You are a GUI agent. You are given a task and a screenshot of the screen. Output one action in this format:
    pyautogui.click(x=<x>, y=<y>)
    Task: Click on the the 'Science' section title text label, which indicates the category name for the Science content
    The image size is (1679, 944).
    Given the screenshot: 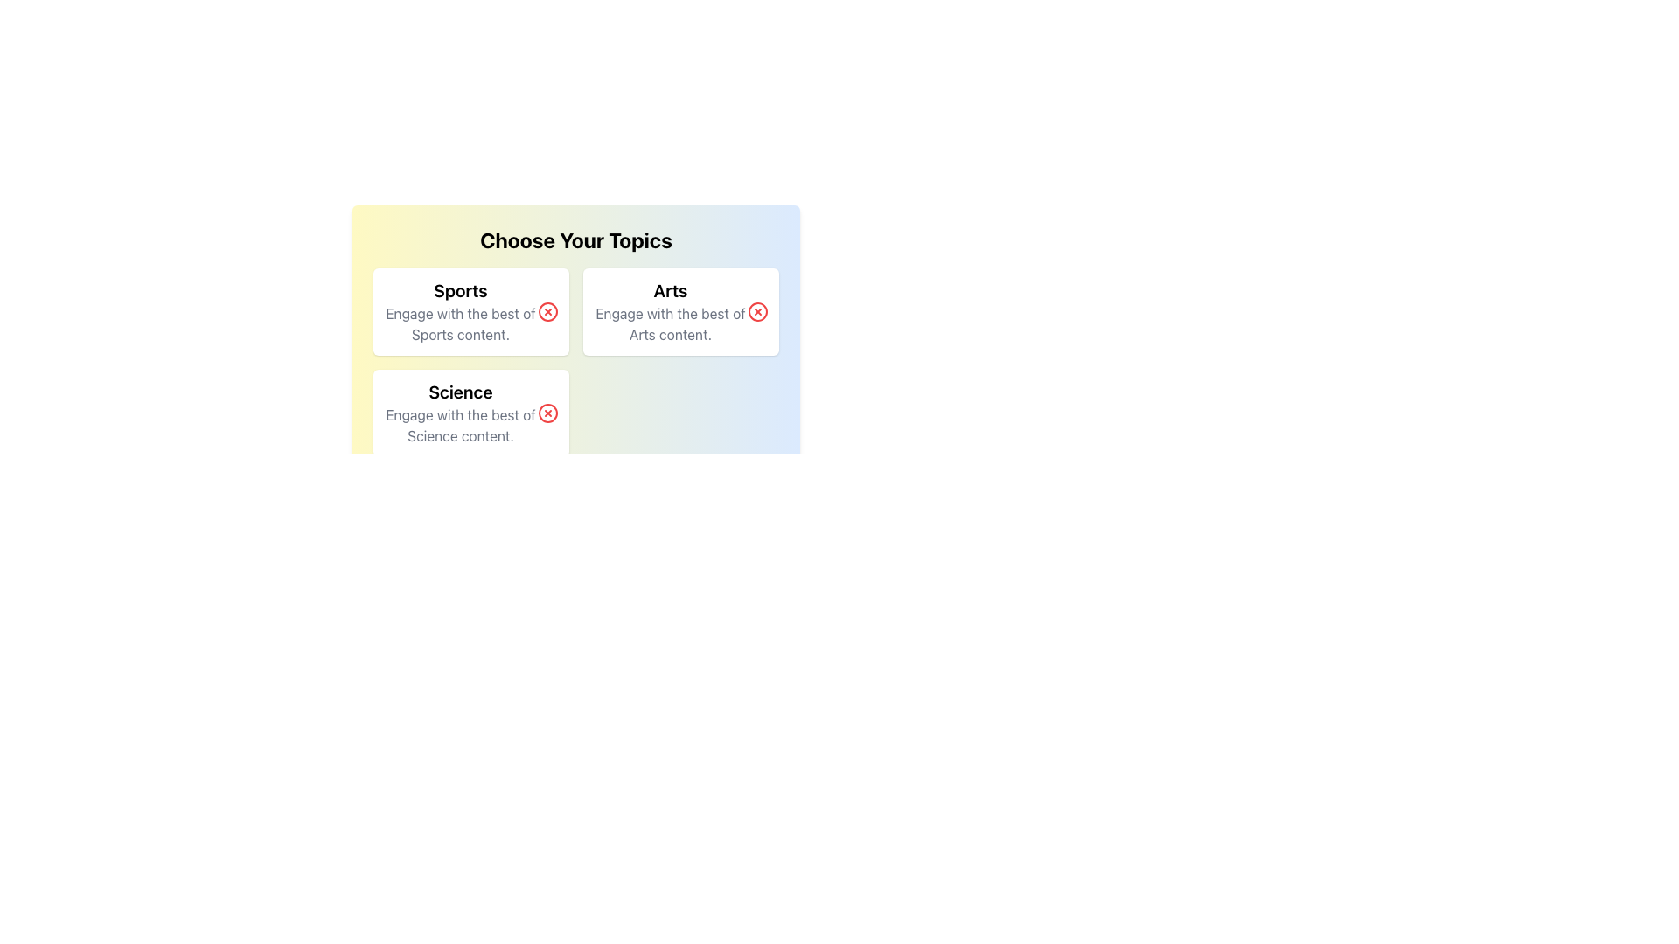 What is the action you would take?
    pyautogui.click(x=461, y=391)
    